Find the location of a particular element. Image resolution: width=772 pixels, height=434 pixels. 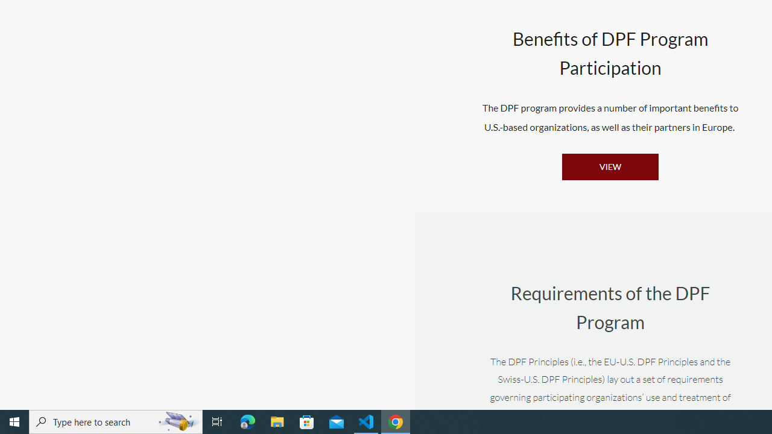

'VIEW' is located at coordinates (610, 166).